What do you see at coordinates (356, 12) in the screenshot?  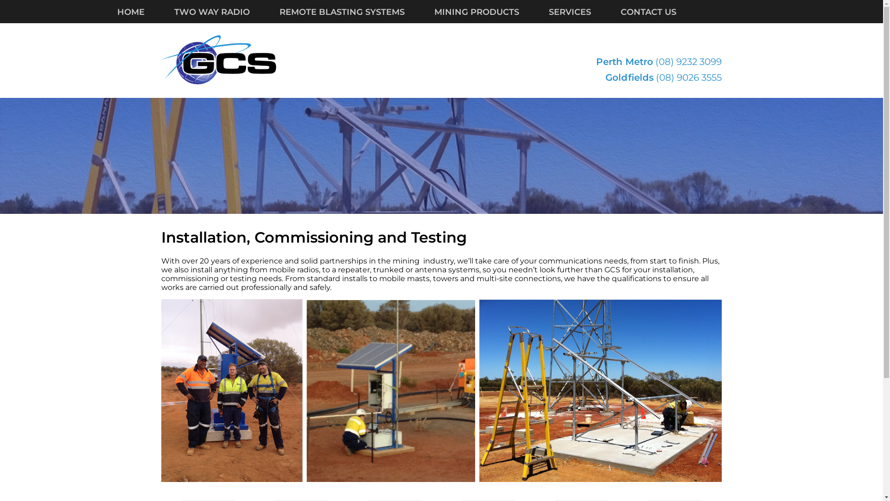 I see `'REMOTE BLASTING SYSTEMS'` at bounding box center [356, 12].